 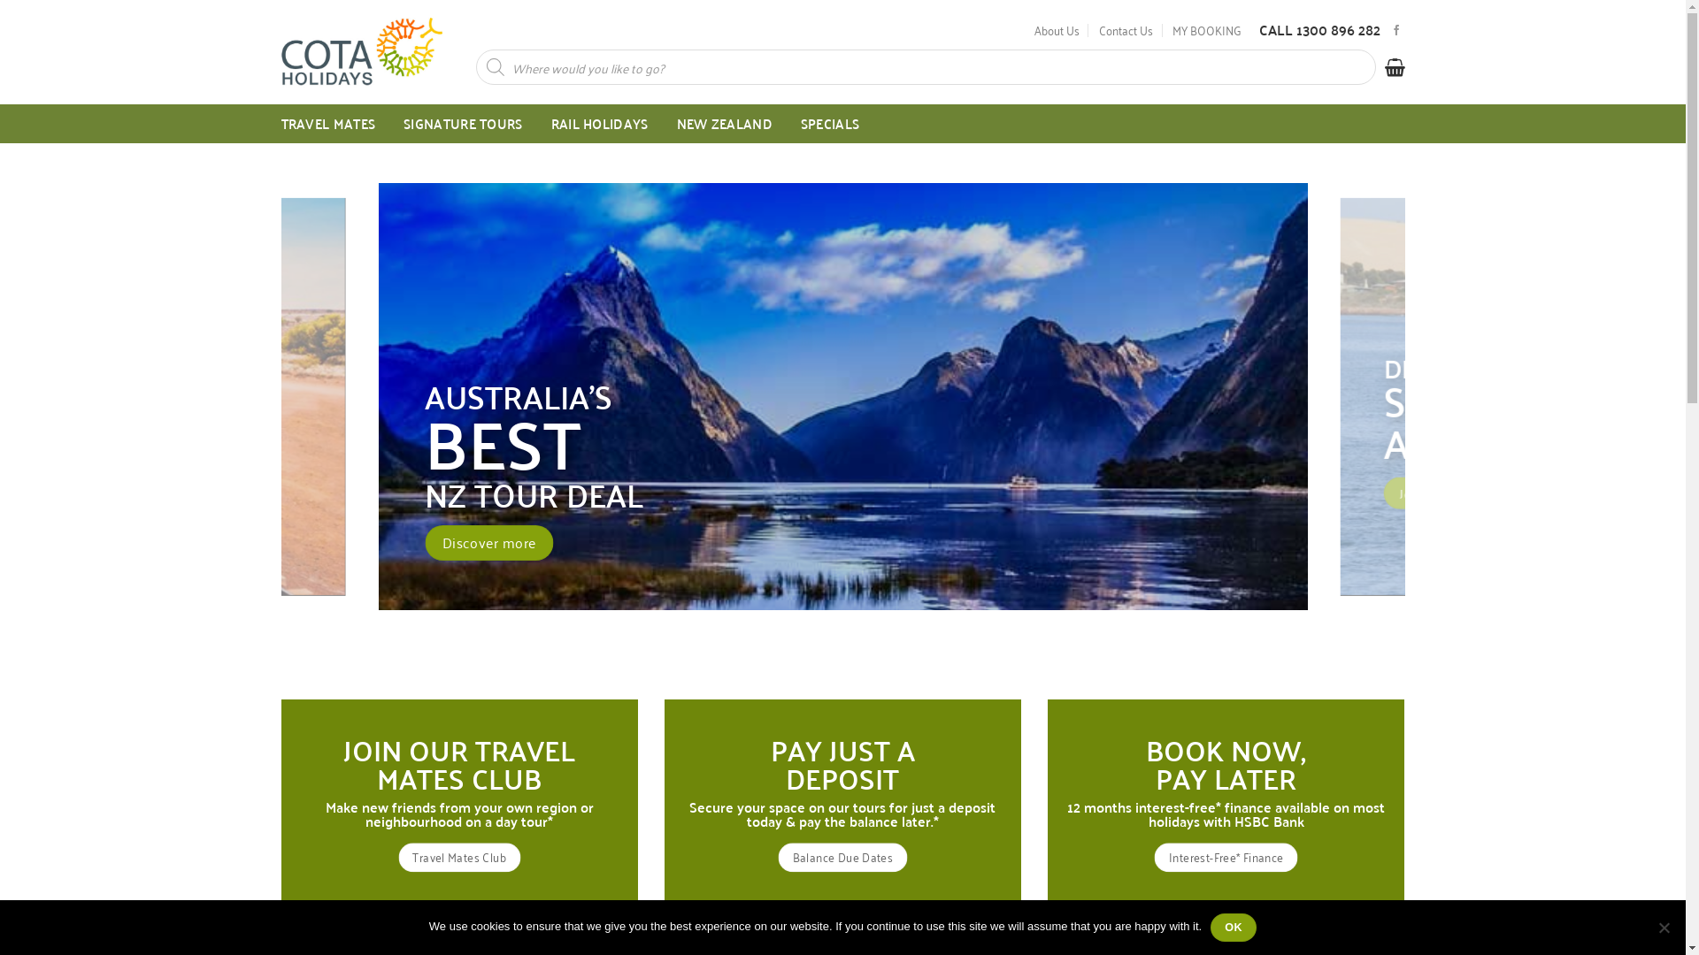 What do you see at coordinates (1232, 927) in the screenshot?
I see `'OK'` at bounding box center [1232, 927].